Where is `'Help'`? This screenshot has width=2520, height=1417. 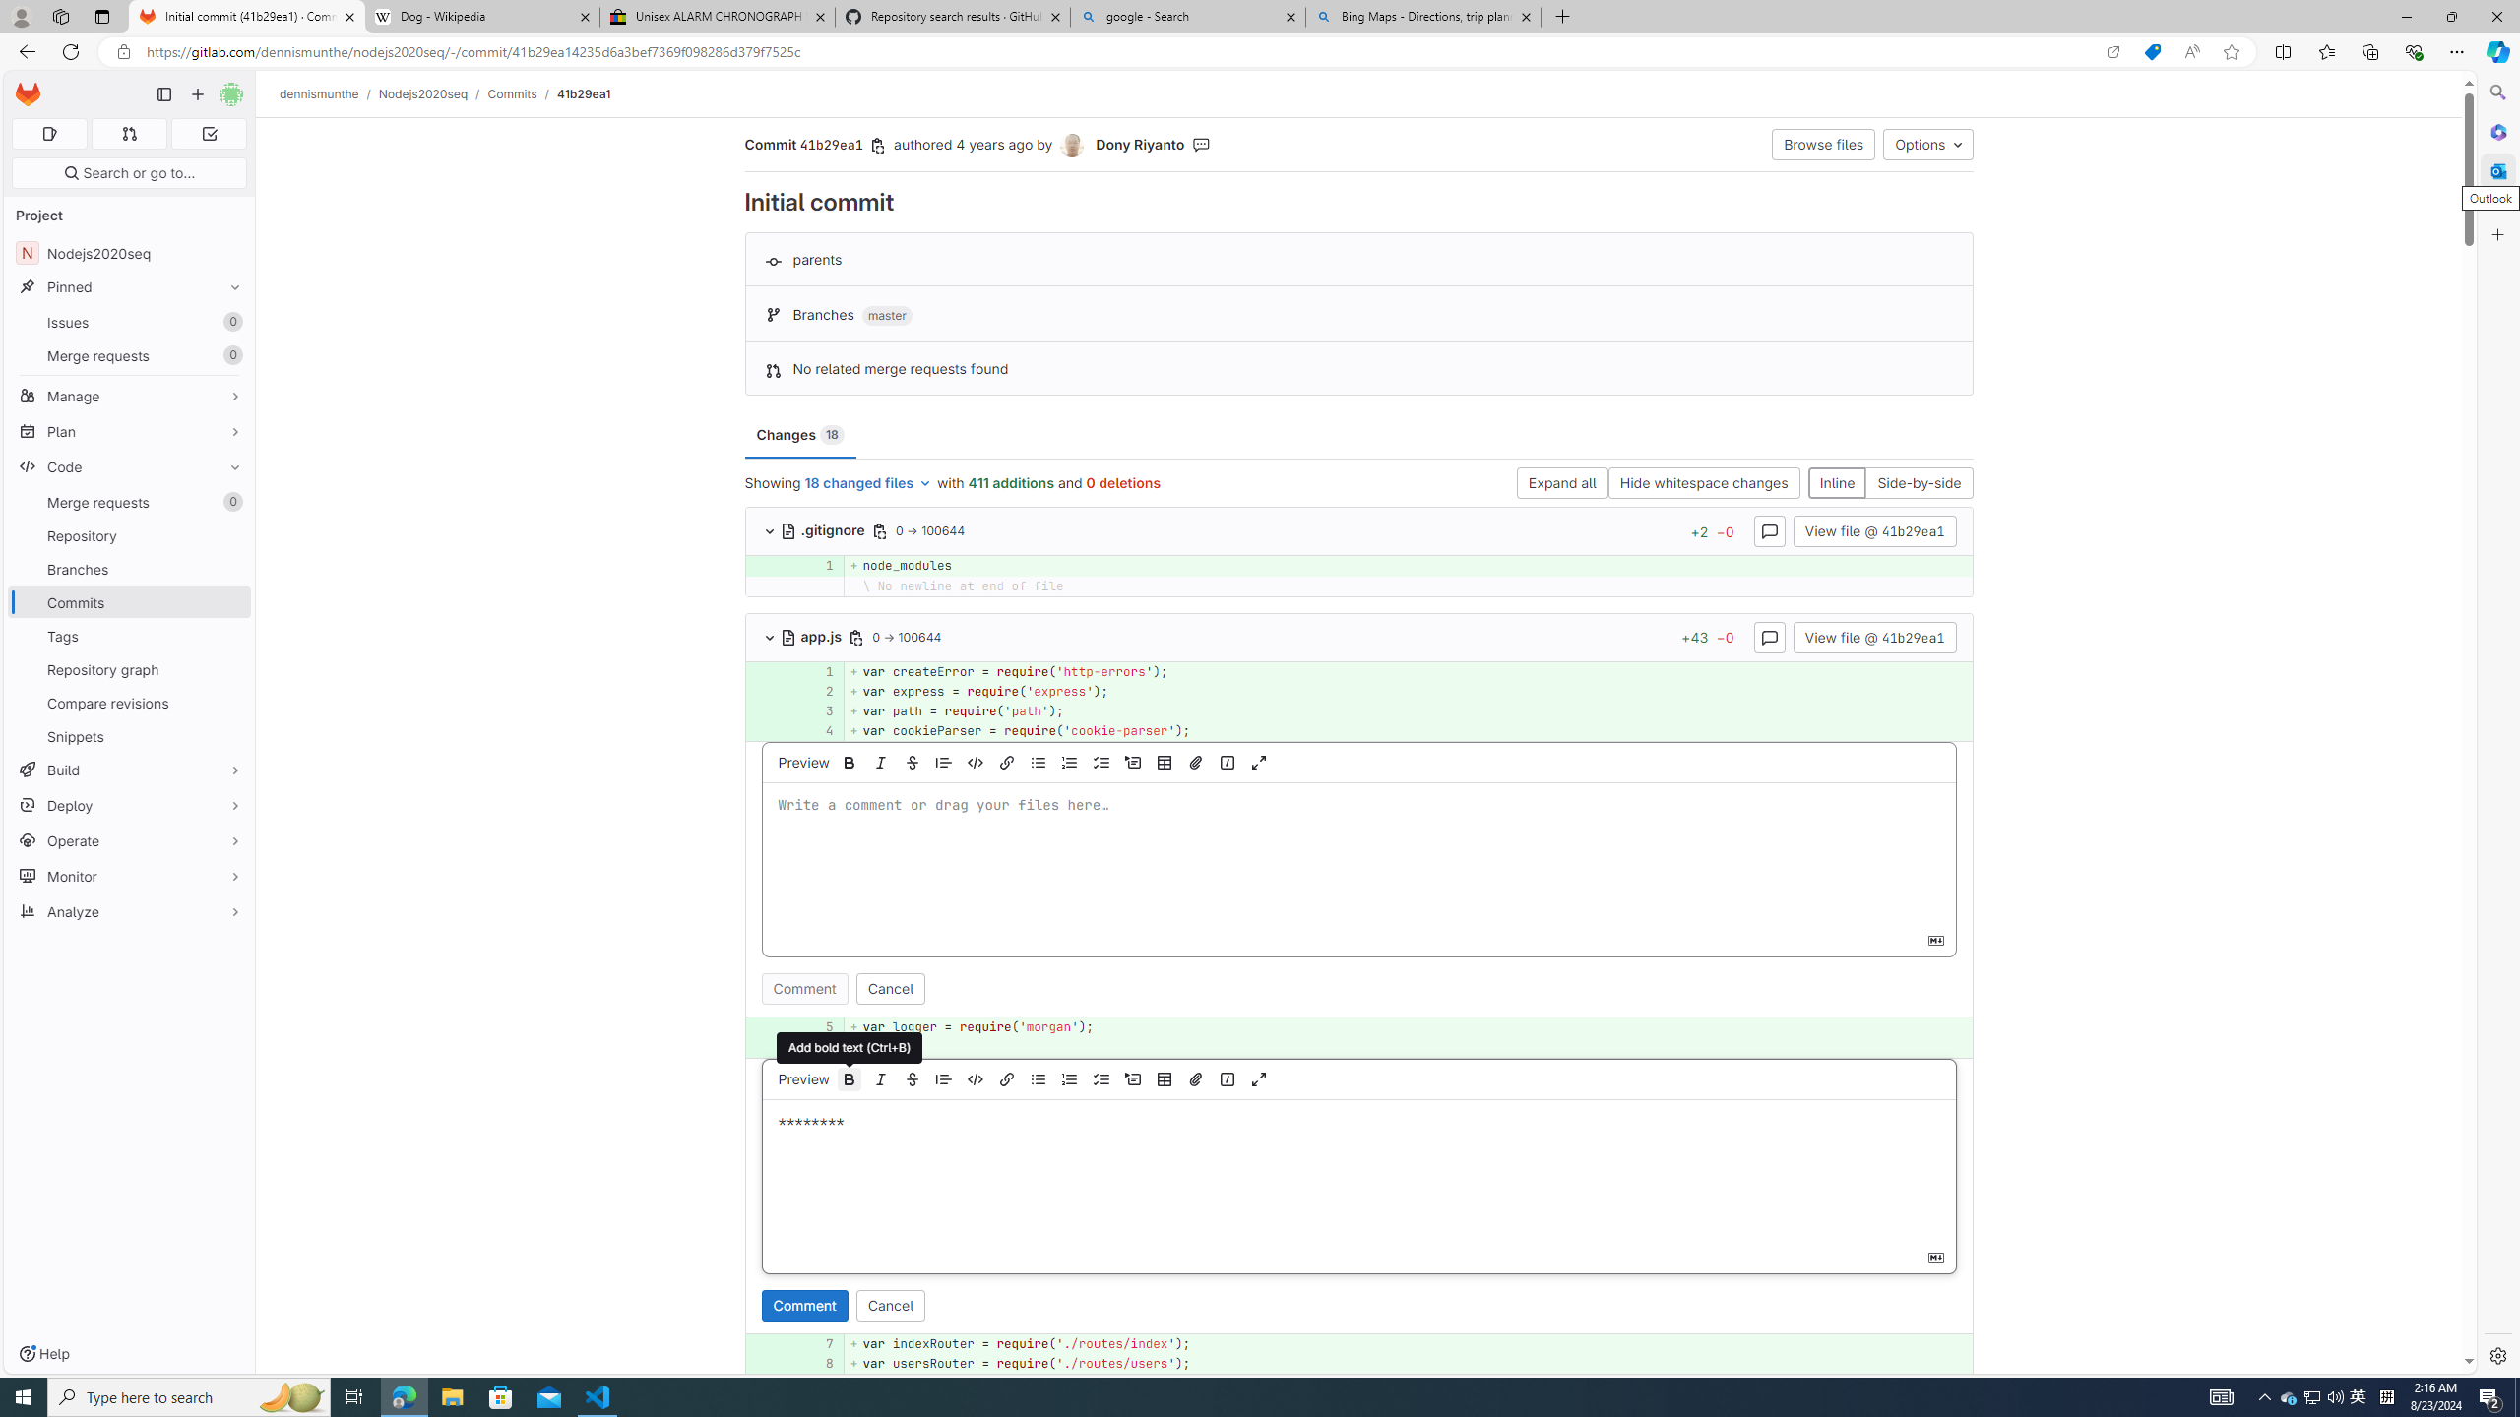 'Help' is located at coordinates (43, 1352).